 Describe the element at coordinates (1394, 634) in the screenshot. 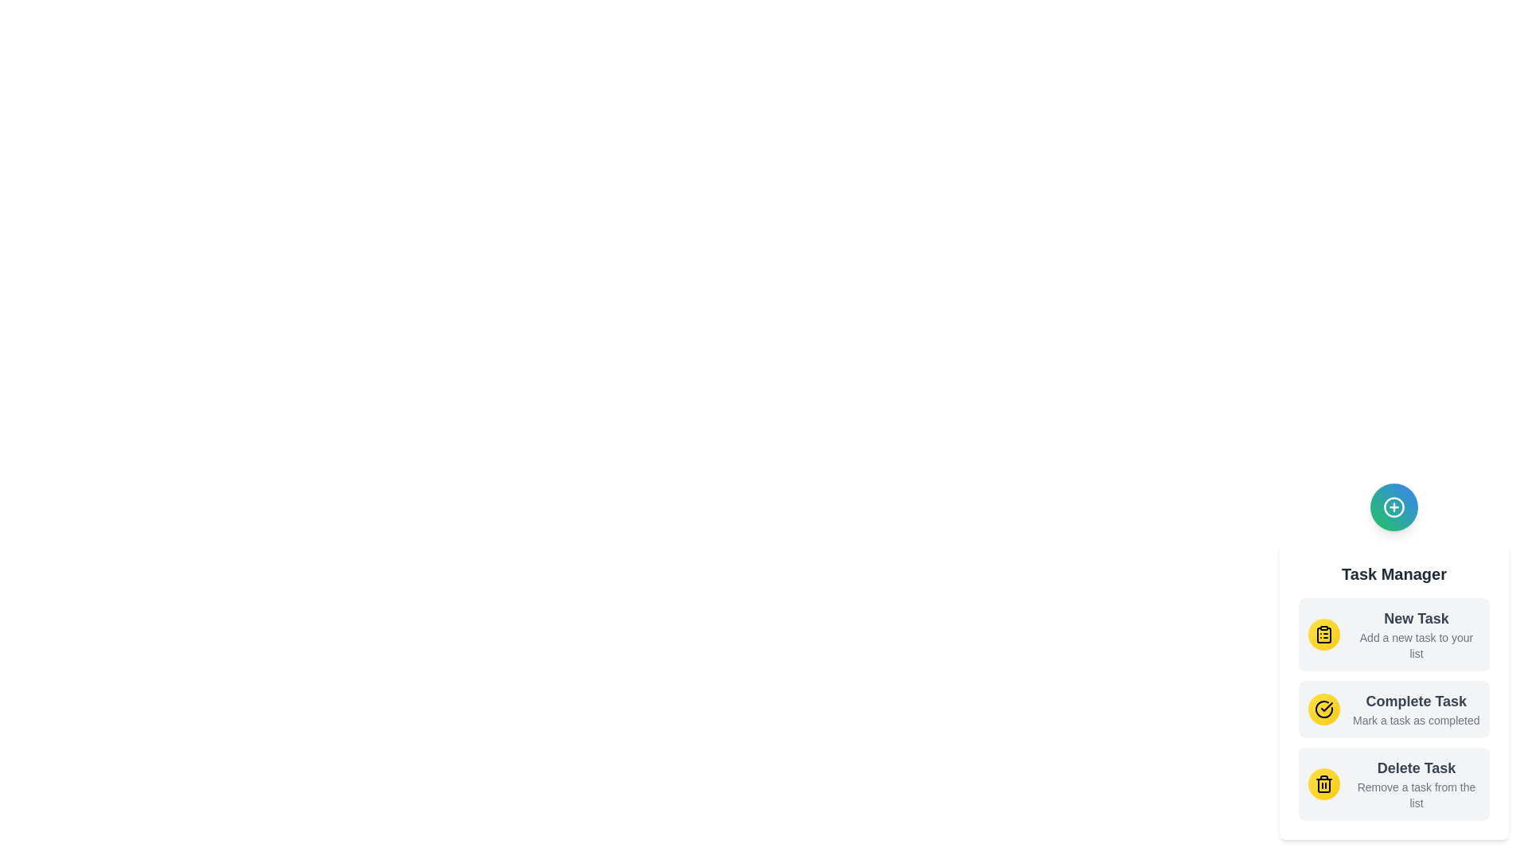

I see `the 'New Task' option to initiate adding a new task` at that location.